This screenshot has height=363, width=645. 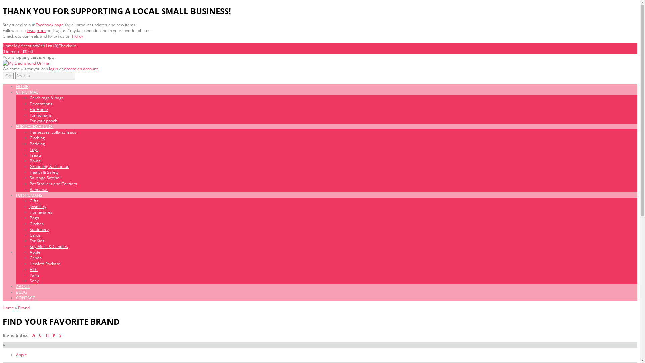 What do you see at coordinates (52, 132) in the screenshot?
I see `'Harnesses, collars, leads'` at bounding box center [52, 132].